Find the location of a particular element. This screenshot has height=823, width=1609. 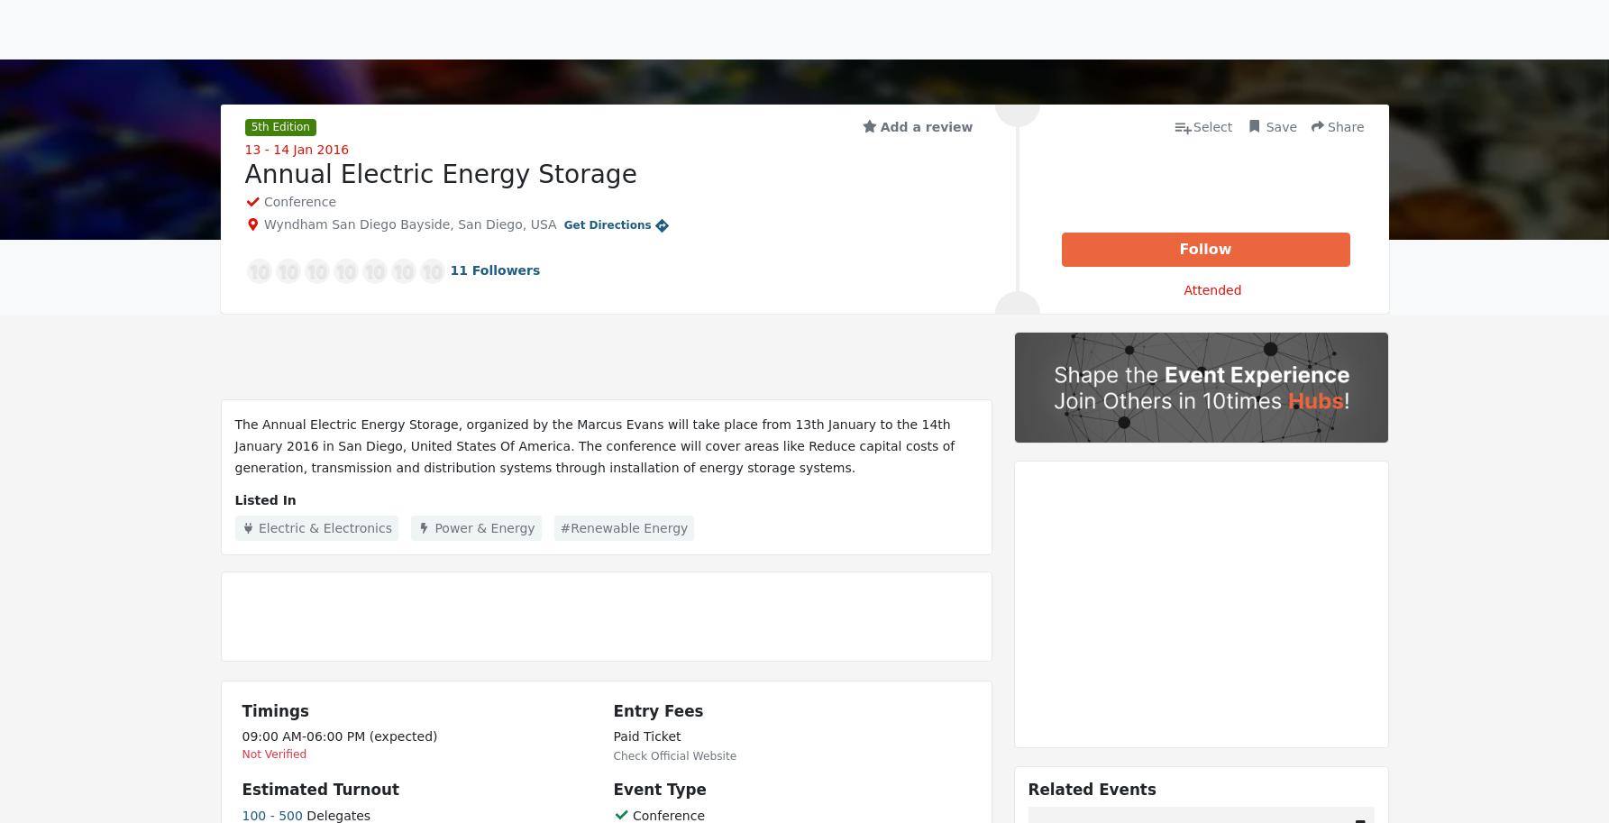

'Renewable Energy etc. are some of the products / services to be showcased in Annual Electric Energy Storage.' is located at coordinates (584, 504).